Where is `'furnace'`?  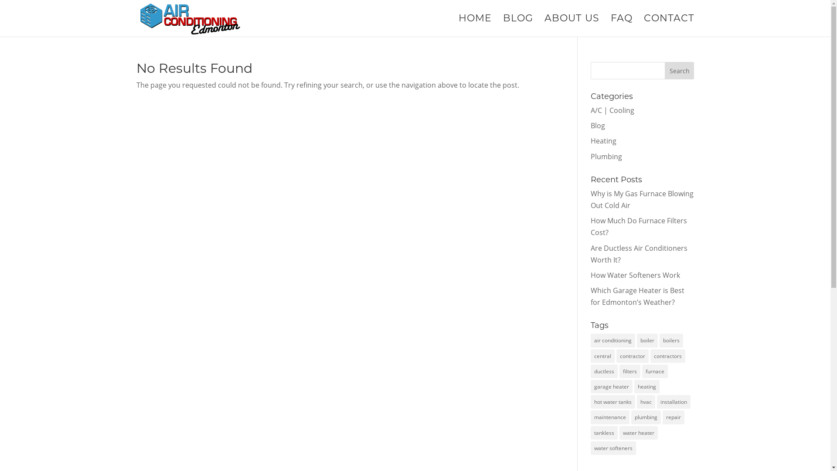 'furnace' is located at coordinates (655, 371).